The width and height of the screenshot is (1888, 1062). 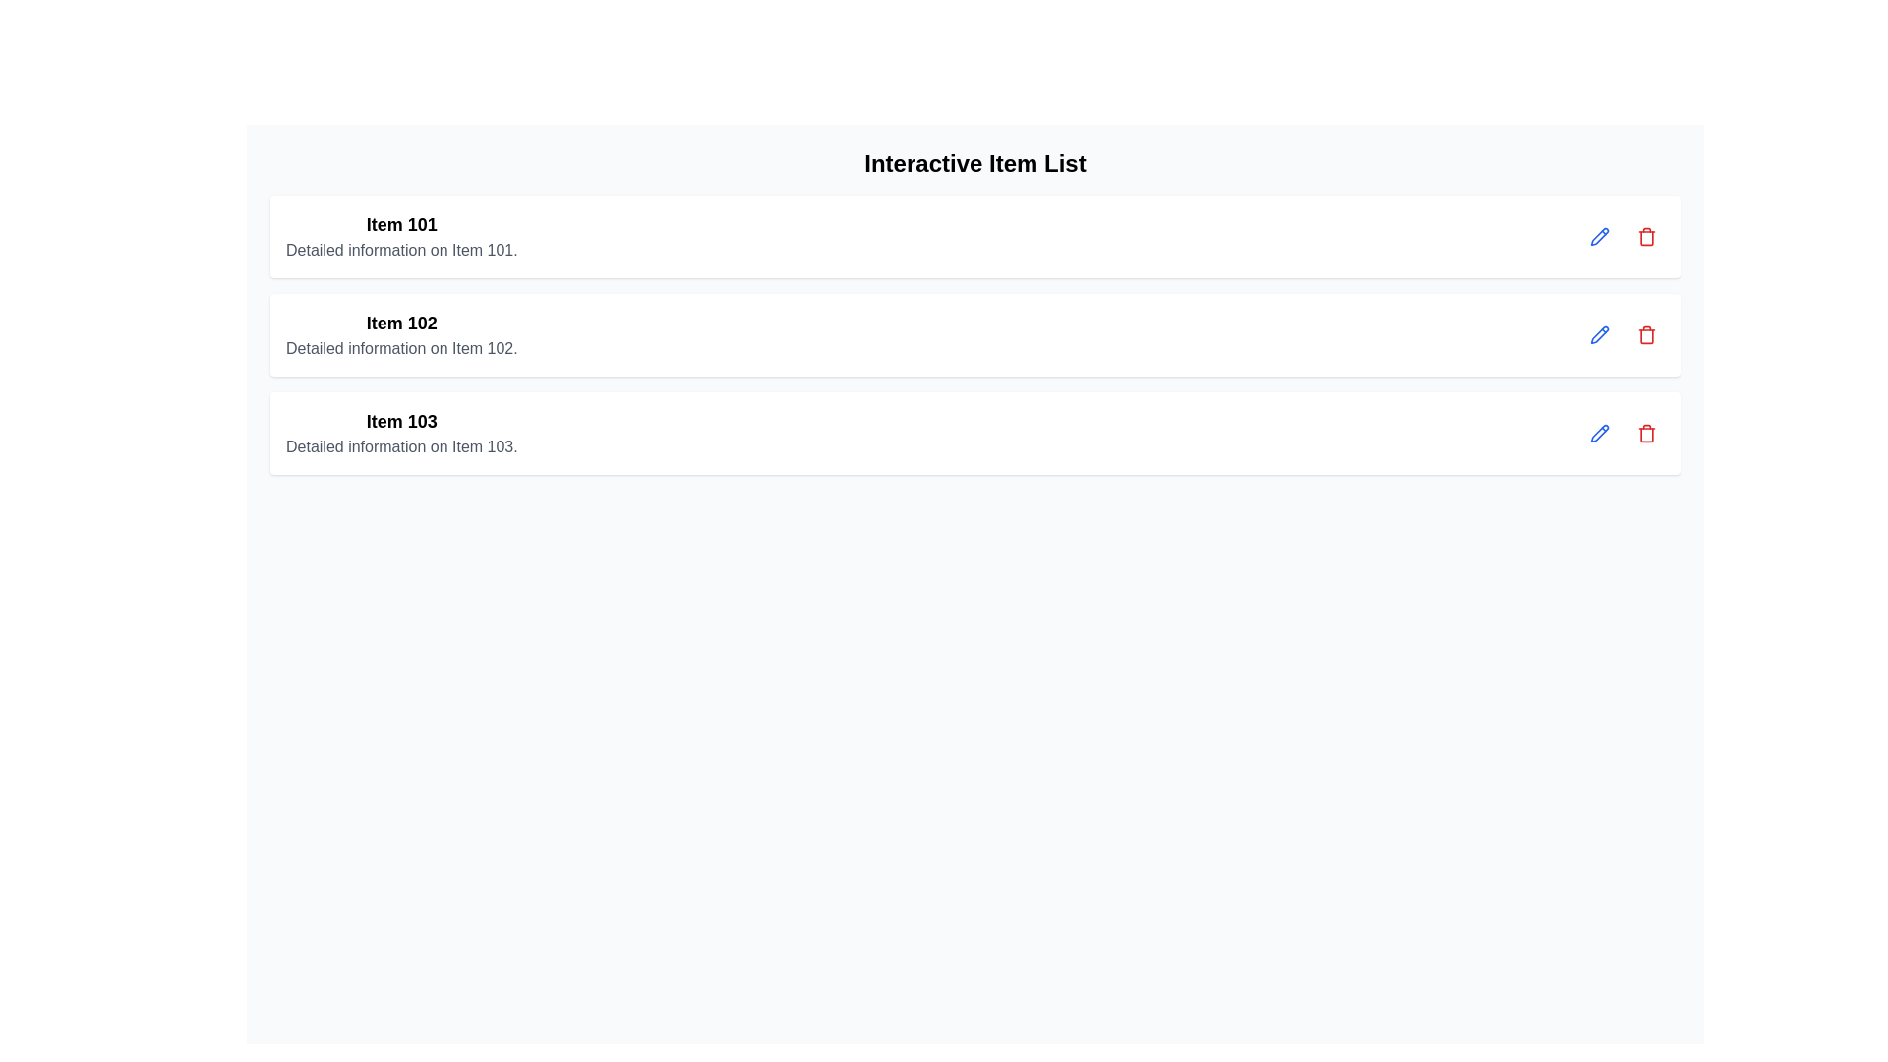 What do you see at coordinates (1647, 333) in the screenshot?
I see `the delete button located on the right side of the interface within the row labeled 'Item 102'` at bounding box center [1647, 333].